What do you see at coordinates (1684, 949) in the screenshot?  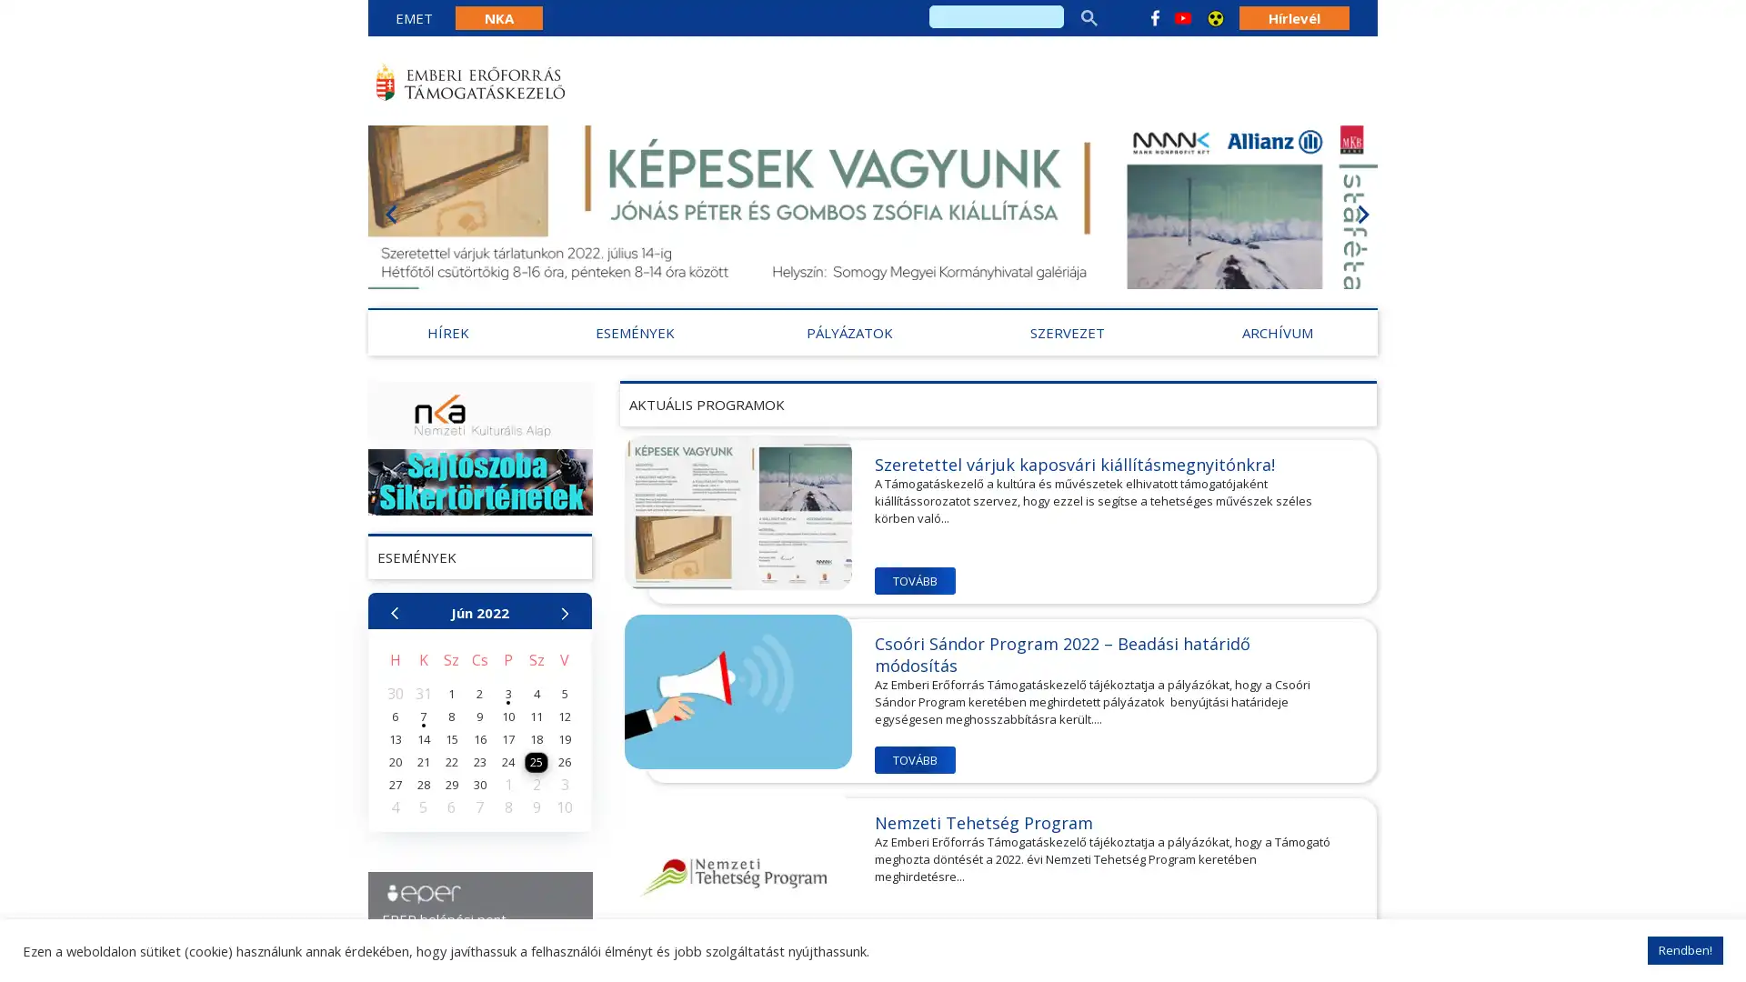 I see `Rendben!` at bounding box center [1684, 949].